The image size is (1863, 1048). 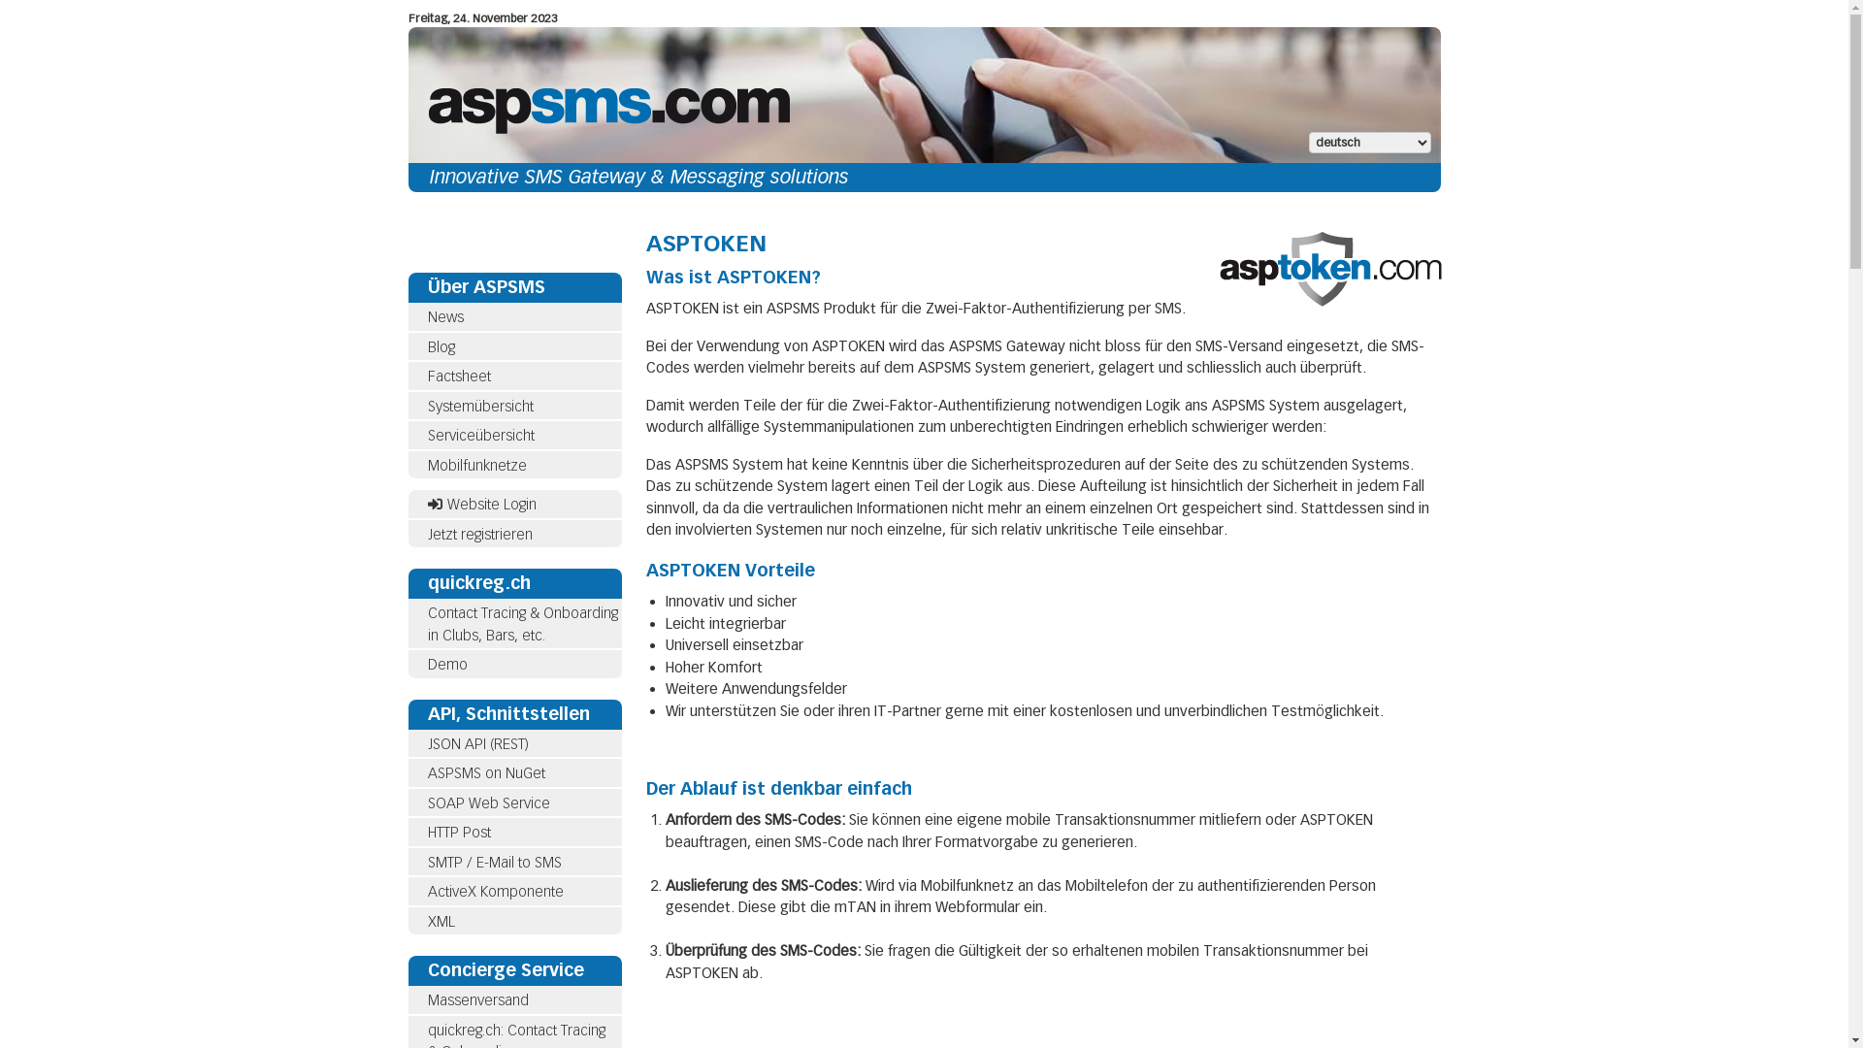 I want to click on 'JSON API (REST)', so click(x=513, y=743).